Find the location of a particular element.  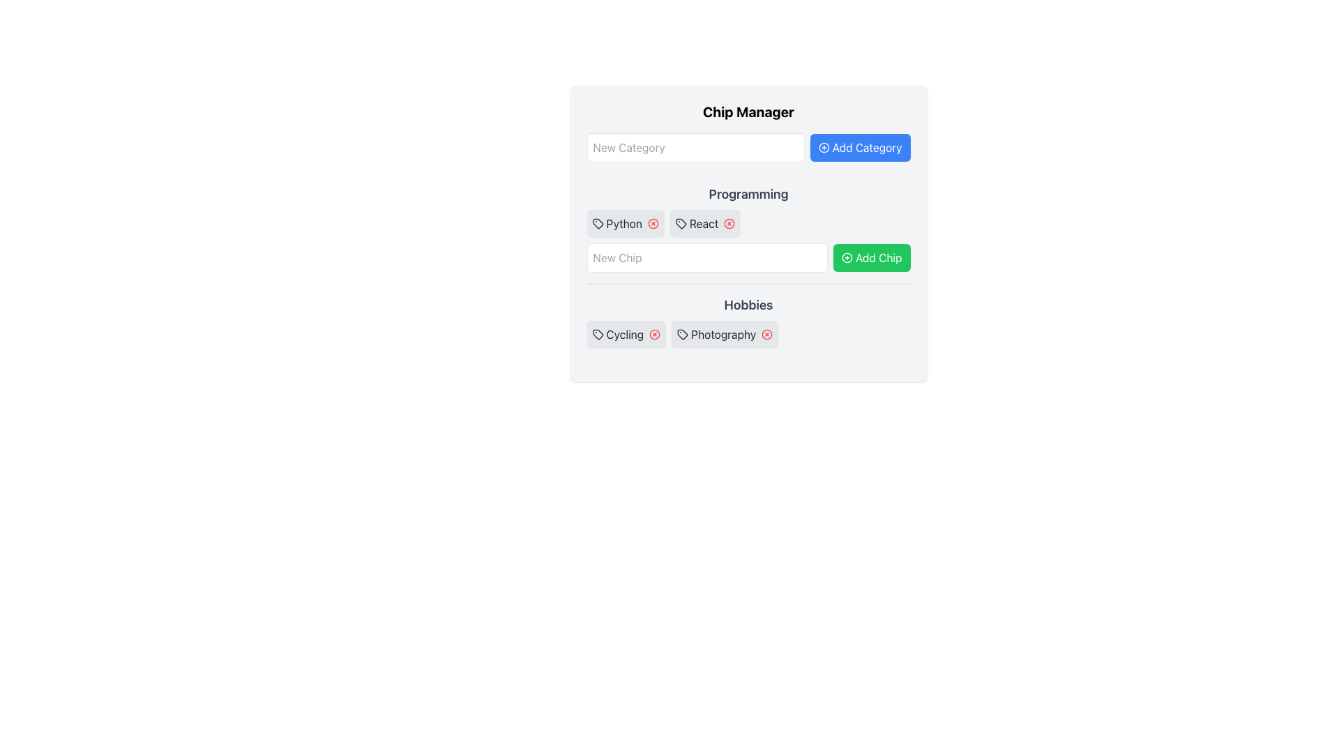

the SVG circle icon indicating 'Cycling' in the Hobbies section, which is the first icon in its group is located at coordinates (654, 334).